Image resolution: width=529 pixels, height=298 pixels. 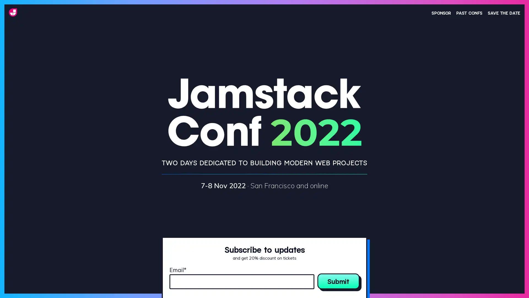 What do you see at coordinates (338, 281) in the screenshot?
I see `Submit` at bounding box center [338, 281].